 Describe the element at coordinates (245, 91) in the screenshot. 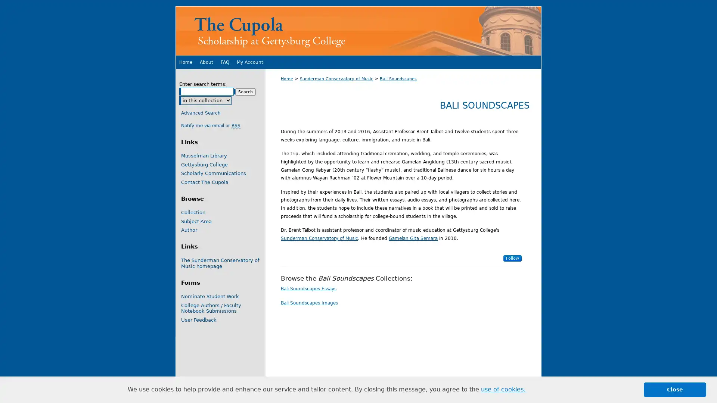

I see `Search` at that location.